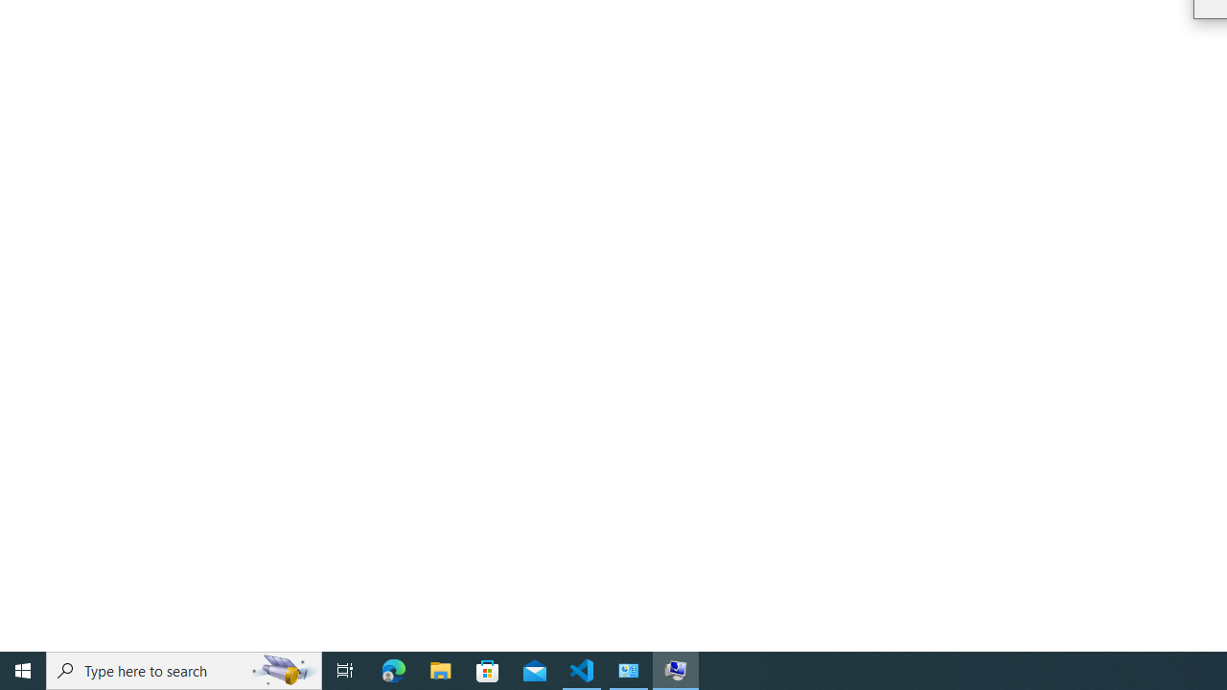  What do you see at coordinates (676, 669) in the screenshot?
I see `'System Remote Settings - 1 running window'` at bounding box center [676, 669].